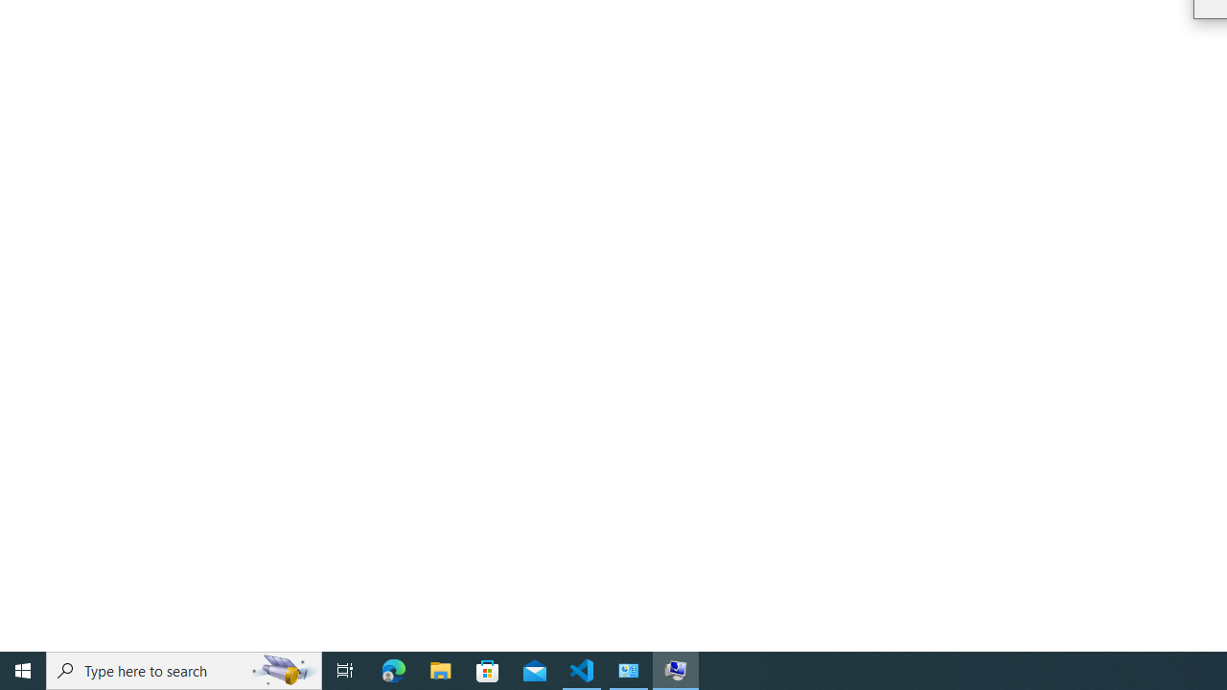  What do you see at coordinates (676, 669) in the screenshot?
I see `'System Remote Settings - 1 running window'` at bounding box center [676, 669].